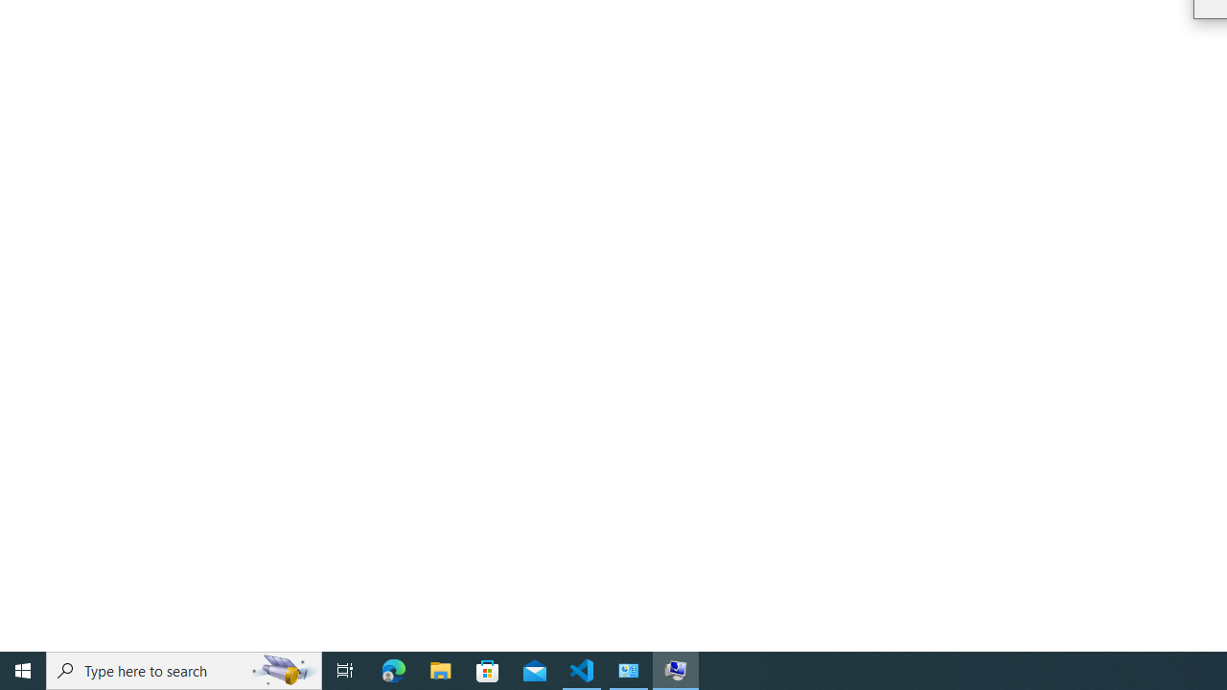  What do you see at coordinates (676, 669) in the screenshot?
I see `'System Remote Settings - 1 running window'` at bounding box center [676, 669].